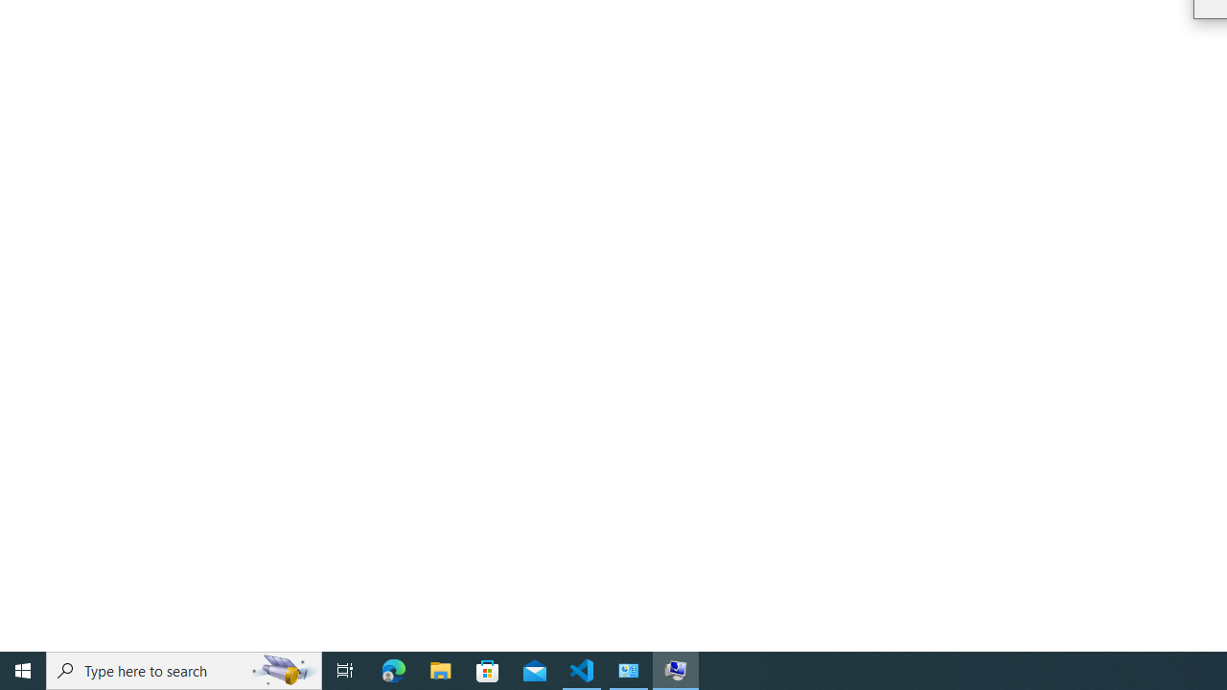  What do you see at coordinates (676, 669) in the screenshot?
I see `'System Remote Settings - 1 running window'` at bounding box center [676, 669].